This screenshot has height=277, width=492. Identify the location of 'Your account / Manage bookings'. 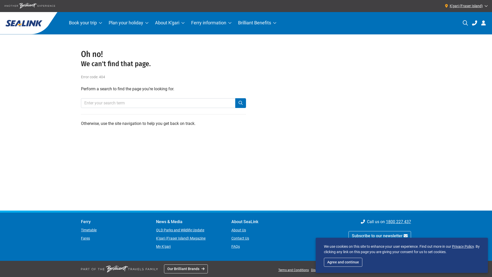
(483, 23).